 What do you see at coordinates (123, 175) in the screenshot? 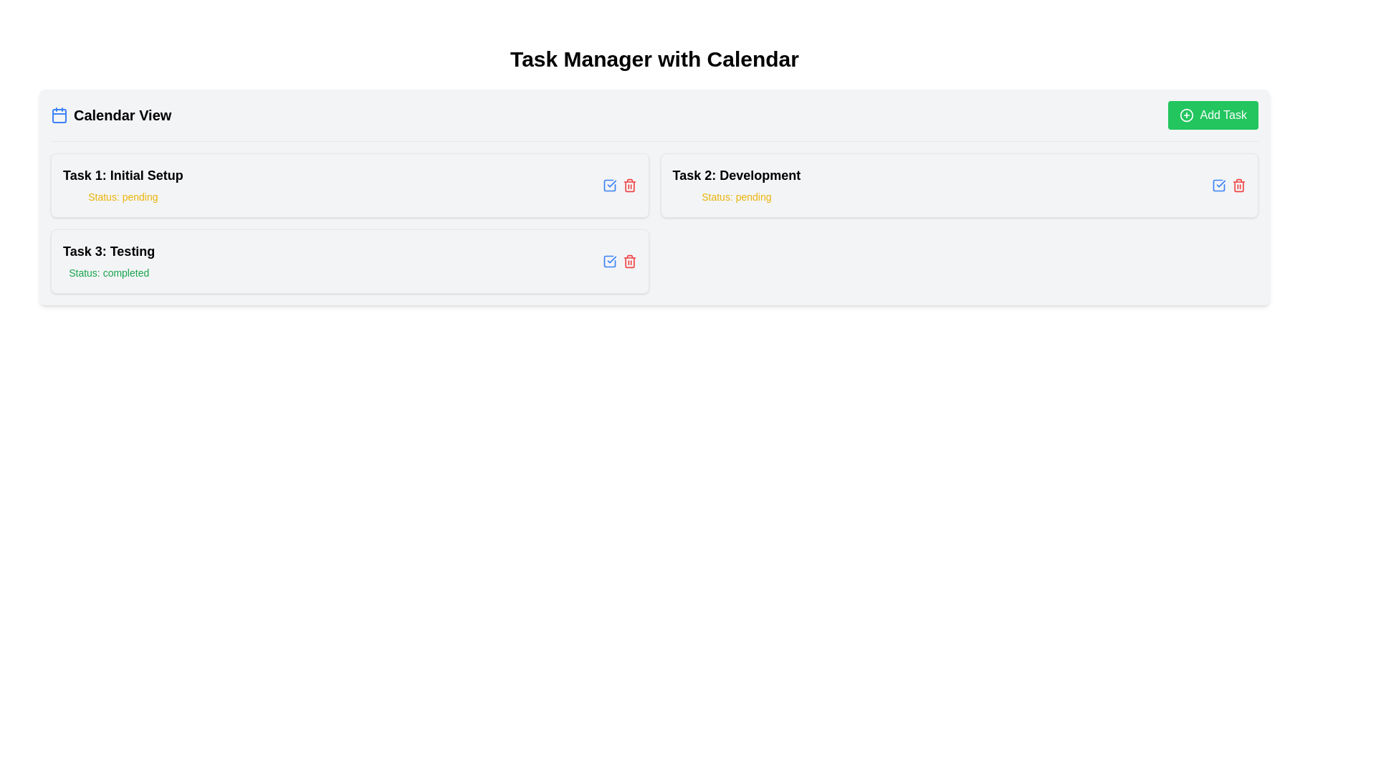
I see `the text label reading 'Task 1: Initial Setup', which is a large bold font positioned at the top of its section` at bounding box center [123, 175].